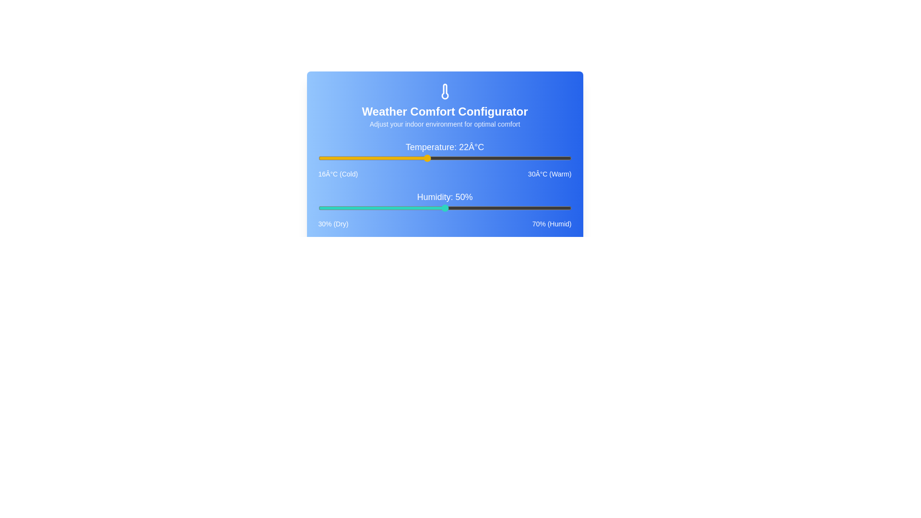 The image size is (921, 518). Describe the element at coordinates (426, 158) in the screenshot. I see `the temperature slider to 22°C` at that location.